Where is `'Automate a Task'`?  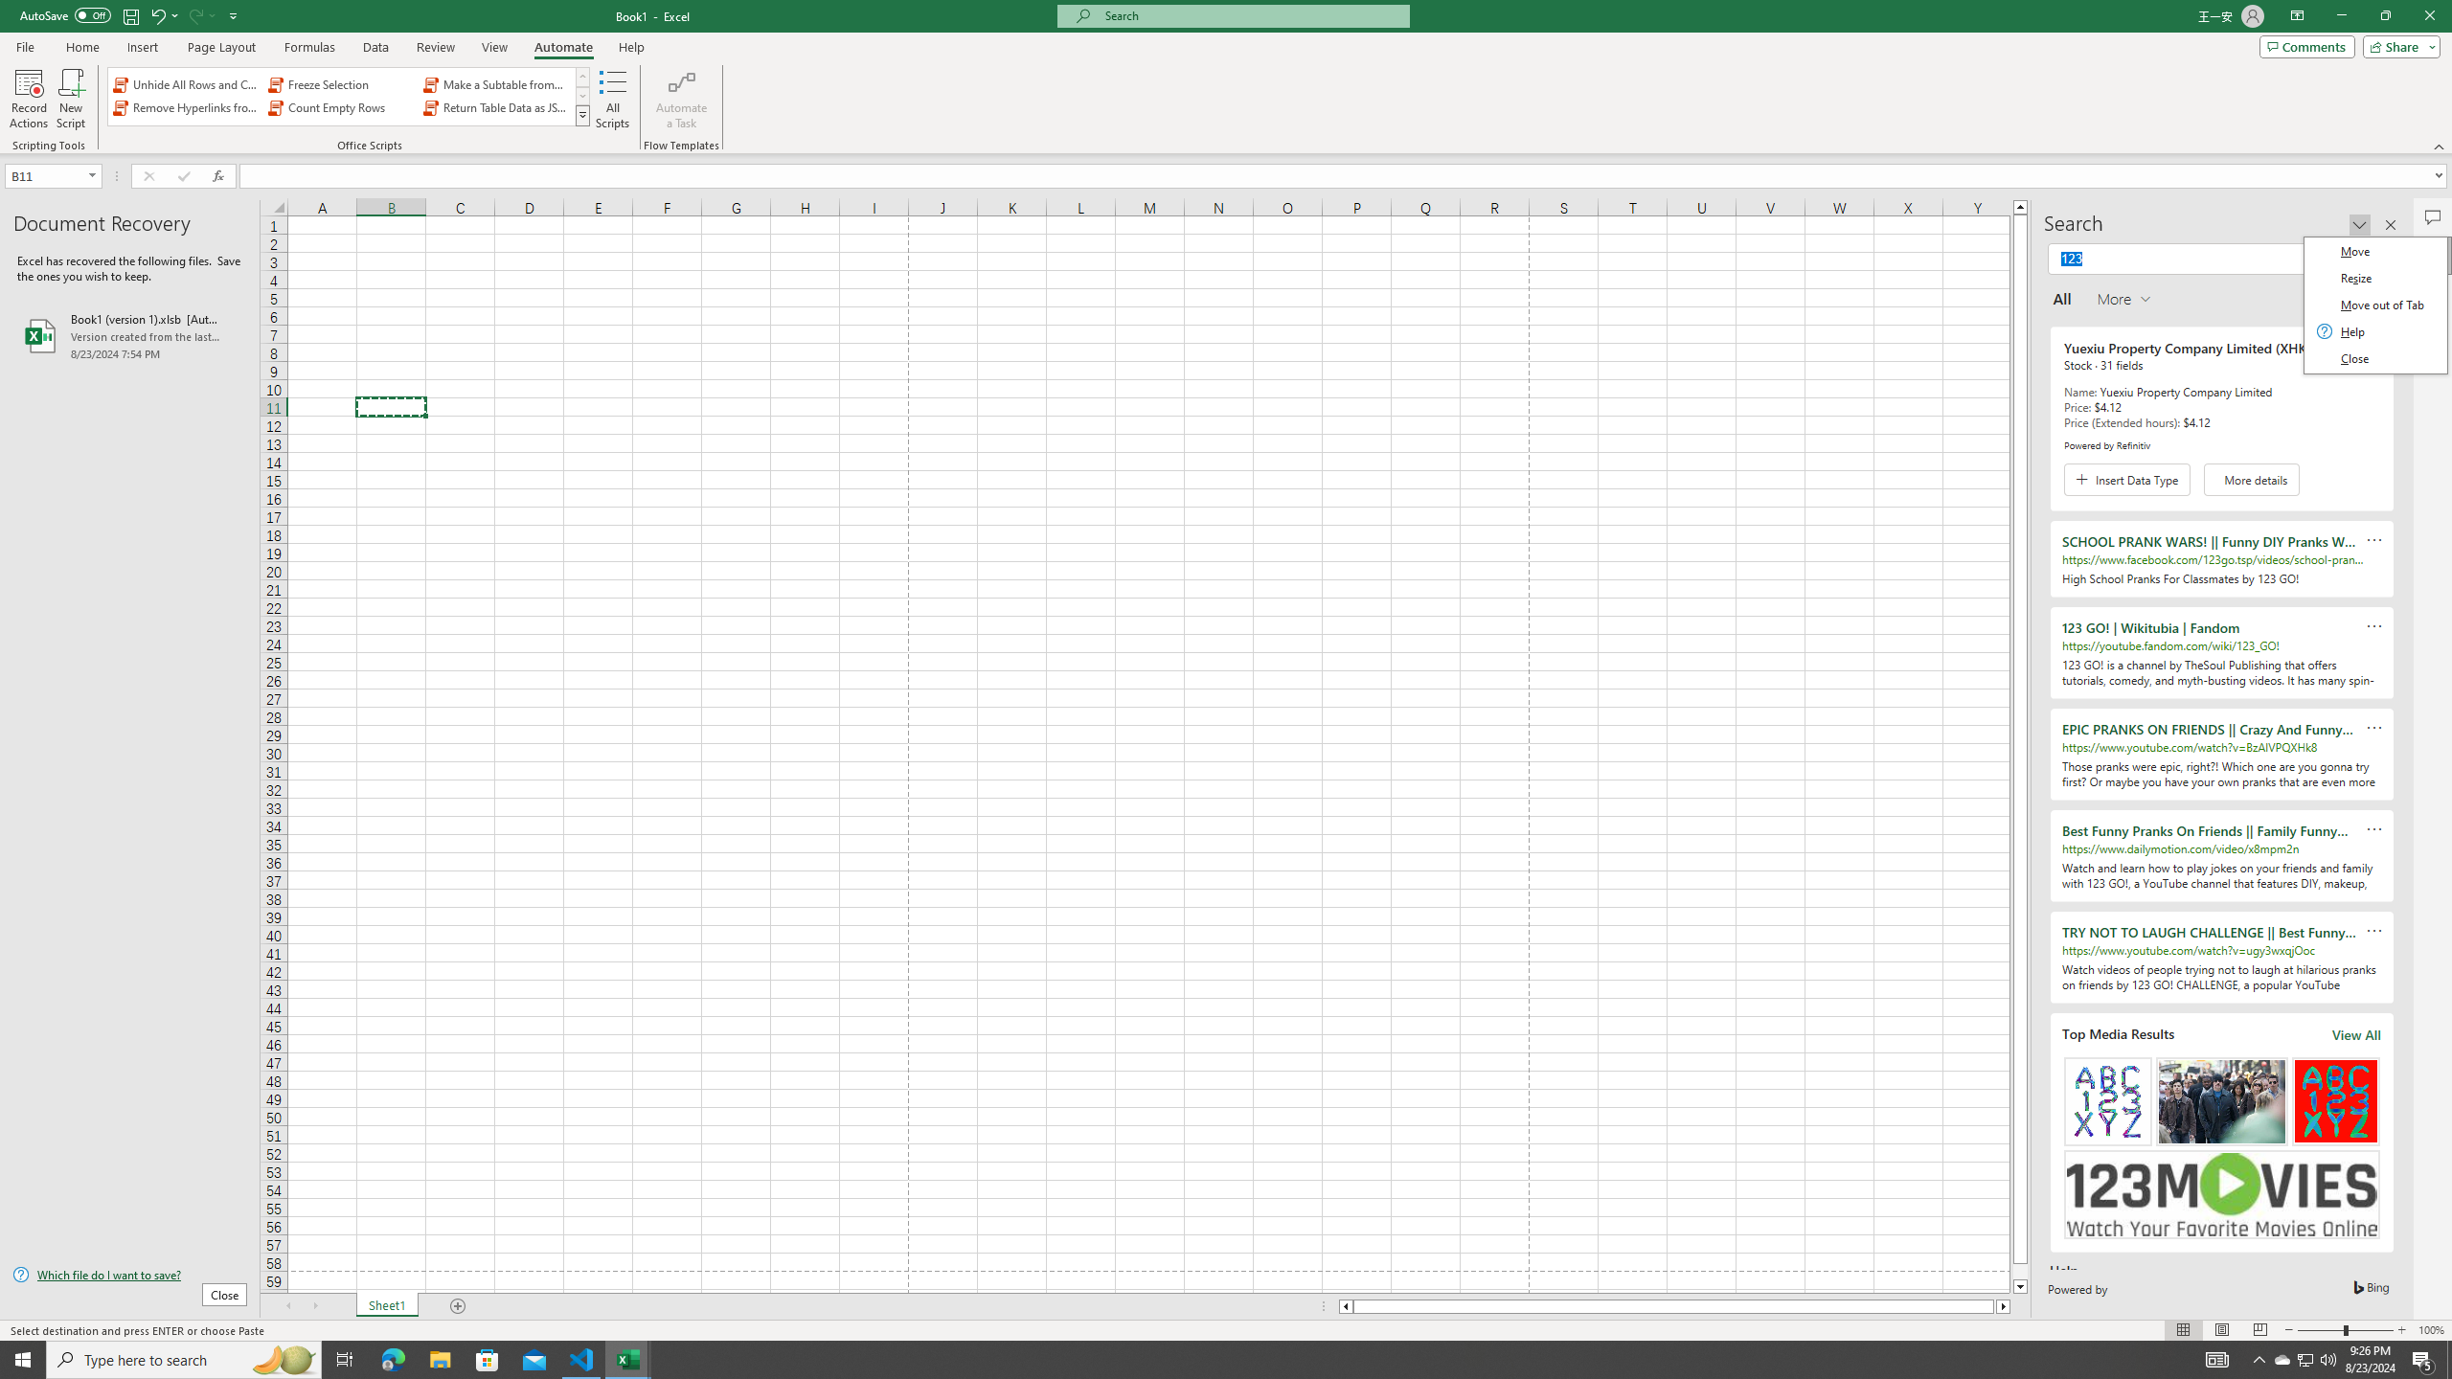 'Automate a Task' is located at coordinates (680, 99).